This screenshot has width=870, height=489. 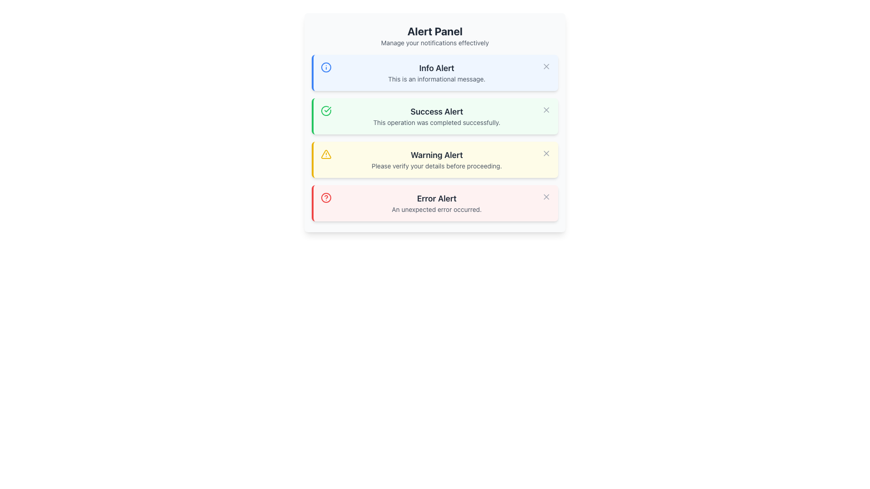 What do you see at coordinates (546, 197) in the screenshot?
I see `the close icon located on the far right side of the 'Error Alert' section` at bounding box center [546, 197].